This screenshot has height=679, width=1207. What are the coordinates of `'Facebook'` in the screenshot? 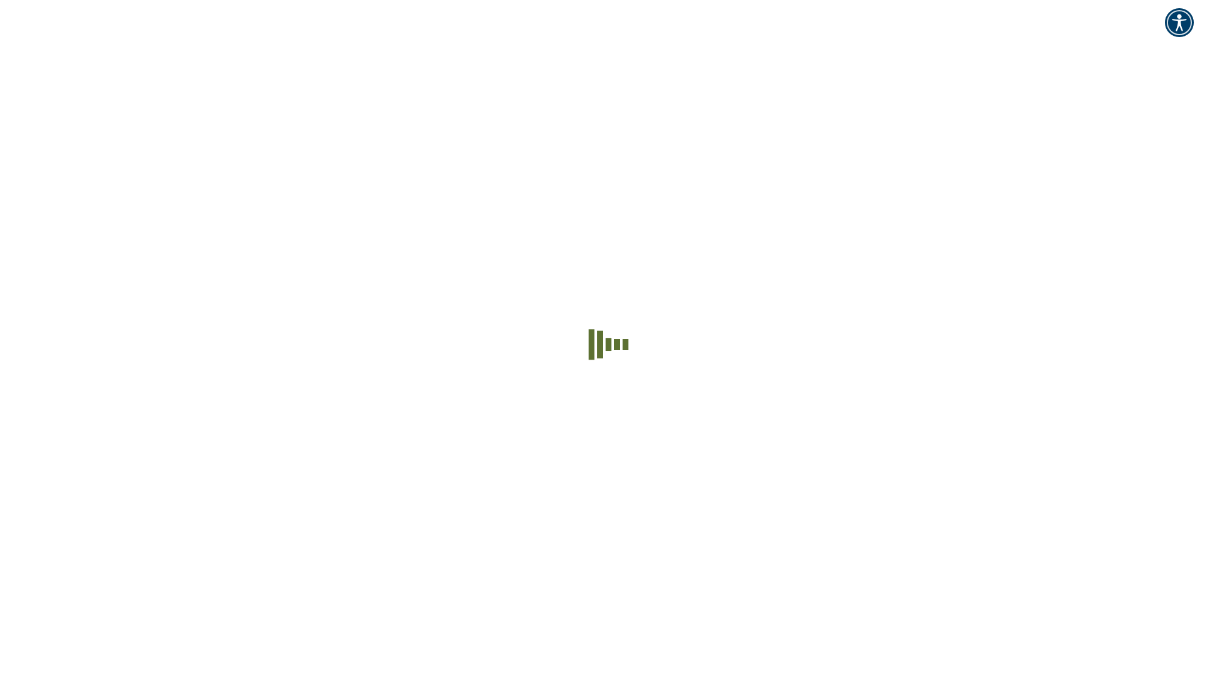 It's located at (24, 463).